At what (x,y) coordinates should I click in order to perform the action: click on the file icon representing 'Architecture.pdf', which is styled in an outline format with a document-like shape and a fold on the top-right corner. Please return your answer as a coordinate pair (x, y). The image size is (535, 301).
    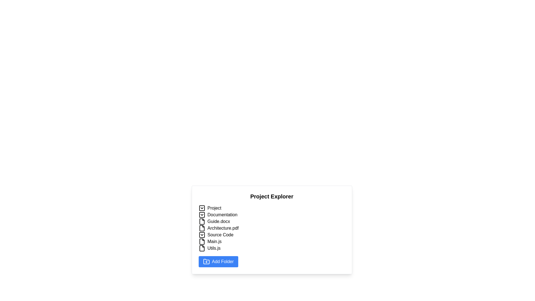
    Looking at the image, I should click on (201, 228).